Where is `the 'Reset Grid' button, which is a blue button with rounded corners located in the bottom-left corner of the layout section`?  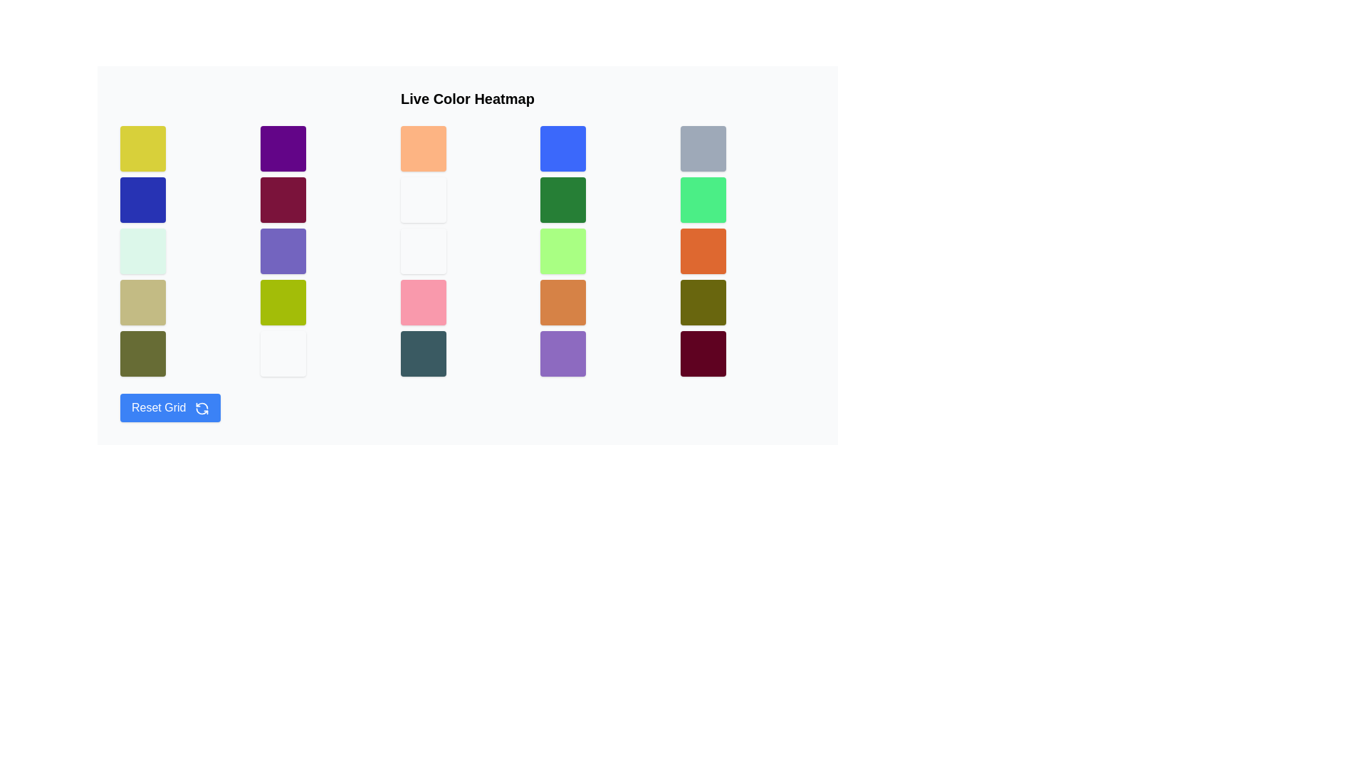 the 'Reset Grid' button, which is a blue button with rounded corners located in the bottom-left corner of the layout section is located at coordinates (170, 408).